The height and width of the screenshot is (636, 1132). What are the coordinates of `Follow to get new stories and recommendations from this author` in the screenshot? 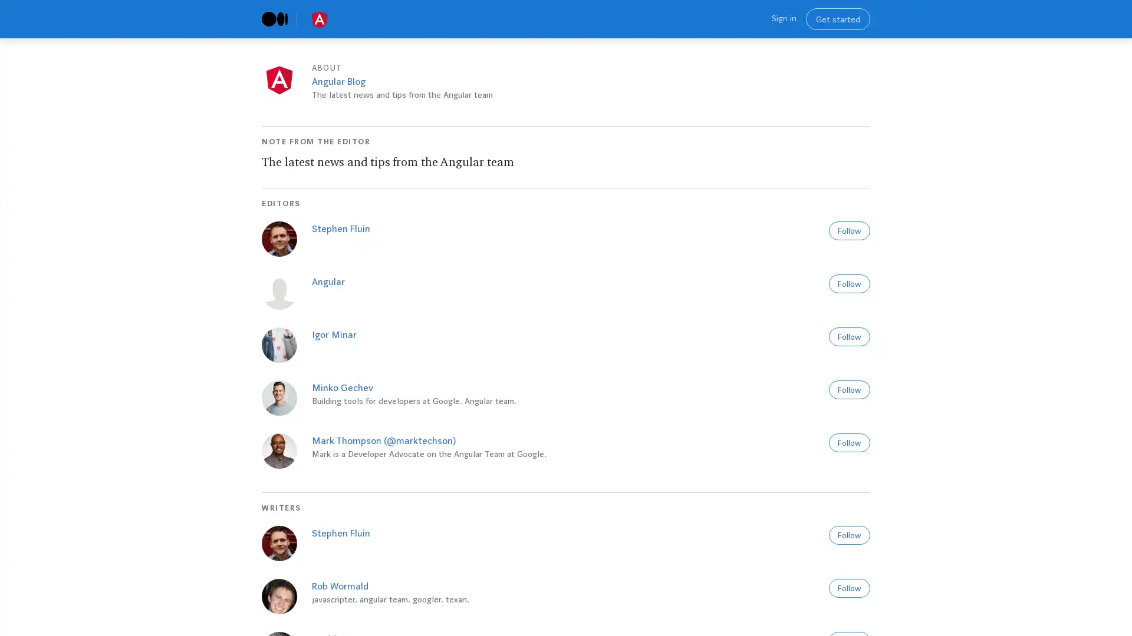 It's located at (849, 283).